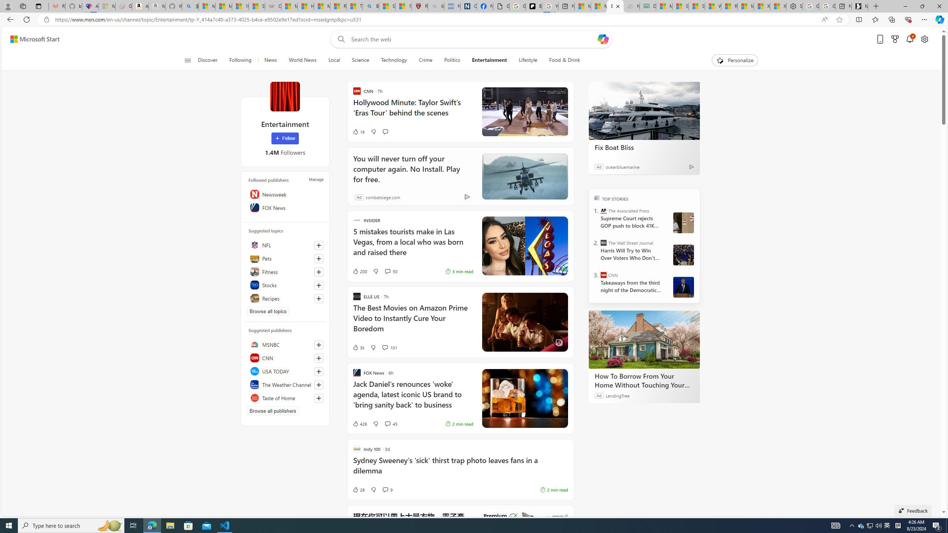 The width and height of the screenshot is (948, 533). I want to click on 'The Associated Press', so click(604, 210).